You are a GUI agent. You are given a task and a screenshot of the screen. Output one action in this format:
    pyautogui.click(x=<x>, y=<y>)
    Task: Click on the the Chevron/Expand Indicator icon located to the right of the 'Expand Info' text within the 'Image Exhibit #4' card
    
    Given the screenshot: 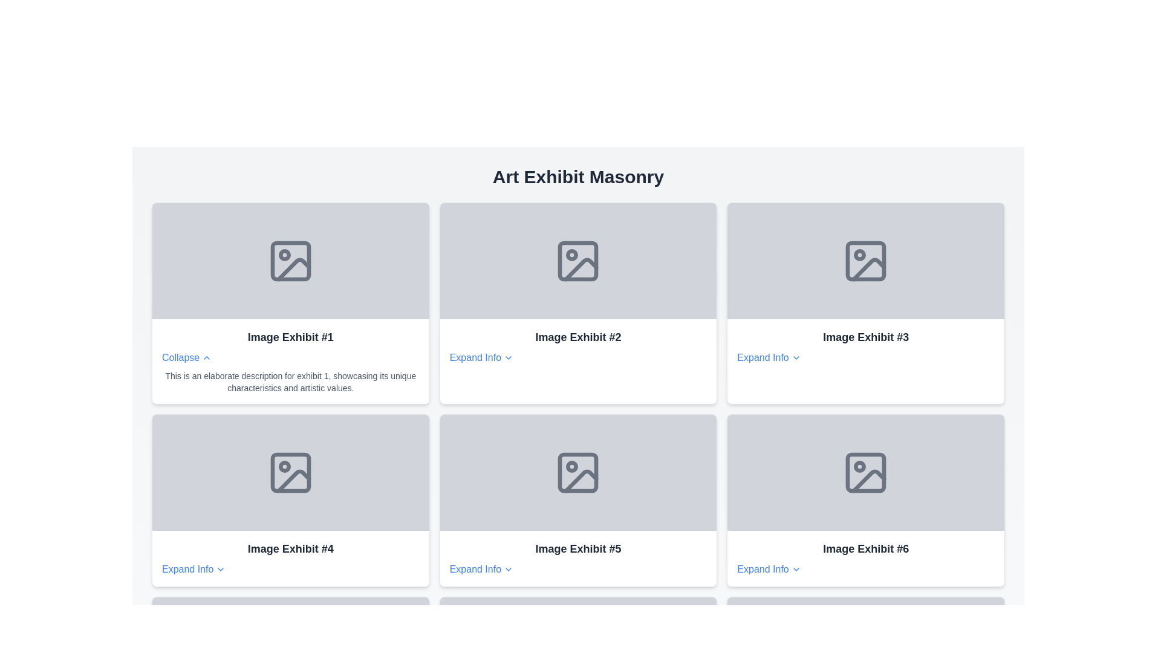 What is the action you would take?
    pyautogui.click(x=221, y=569)
    